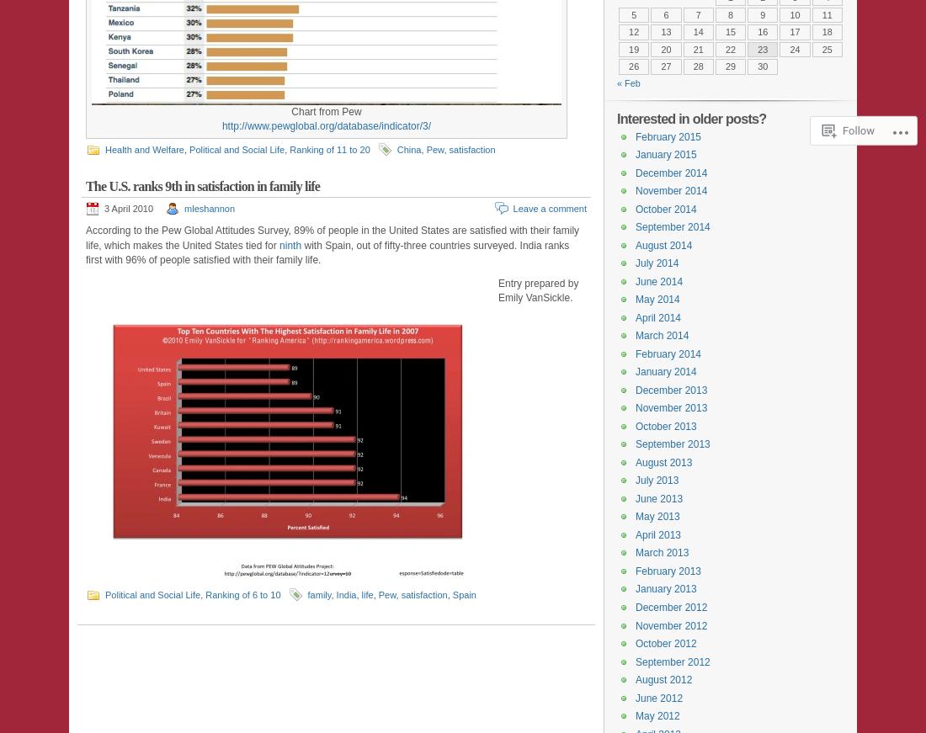  What do you see at coordinates (673, 661) in the screenshot?
I see `'September 2012'` at bounding box center [673, 661].